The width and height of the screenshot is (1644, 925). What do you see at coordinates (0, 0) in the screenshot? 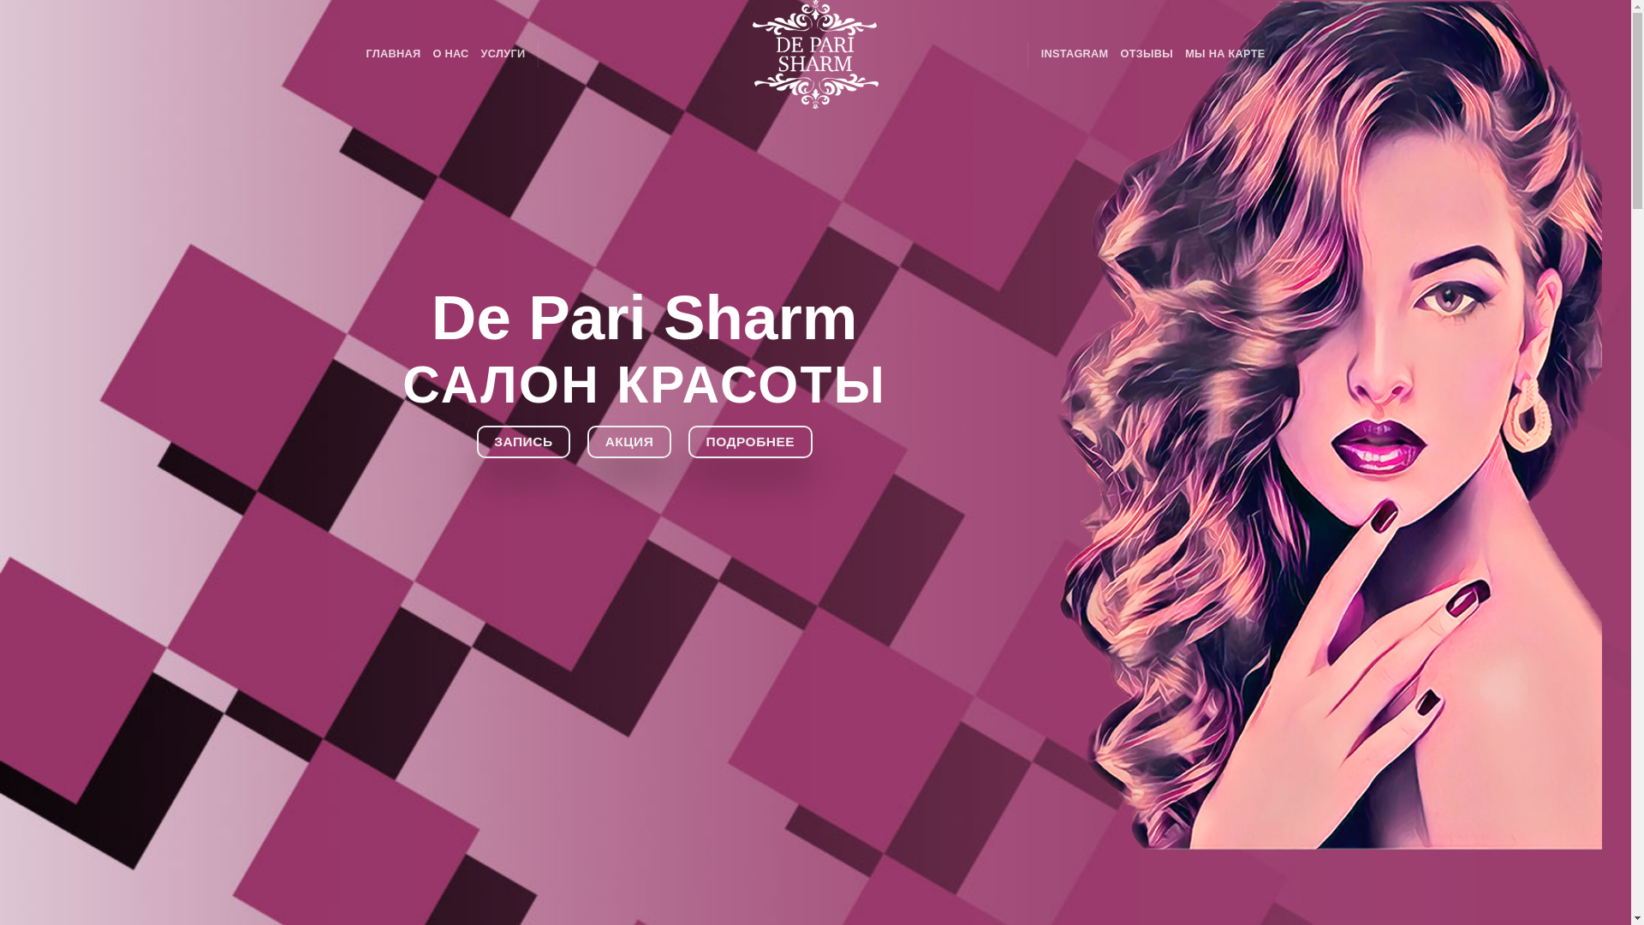
I see `'Skip to content'` at bounding box center [0, 0].